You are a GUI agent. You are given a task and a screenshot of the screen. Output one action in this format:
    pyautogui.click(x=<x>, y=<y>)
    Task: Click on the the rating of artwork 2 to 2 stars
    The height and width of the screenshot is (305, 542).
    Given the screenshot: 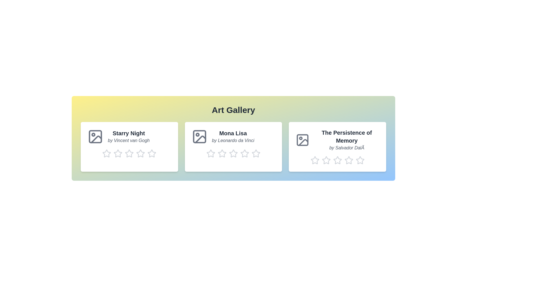 What is the action you would take?
    pyautogui.click(x=217, y=153)
    